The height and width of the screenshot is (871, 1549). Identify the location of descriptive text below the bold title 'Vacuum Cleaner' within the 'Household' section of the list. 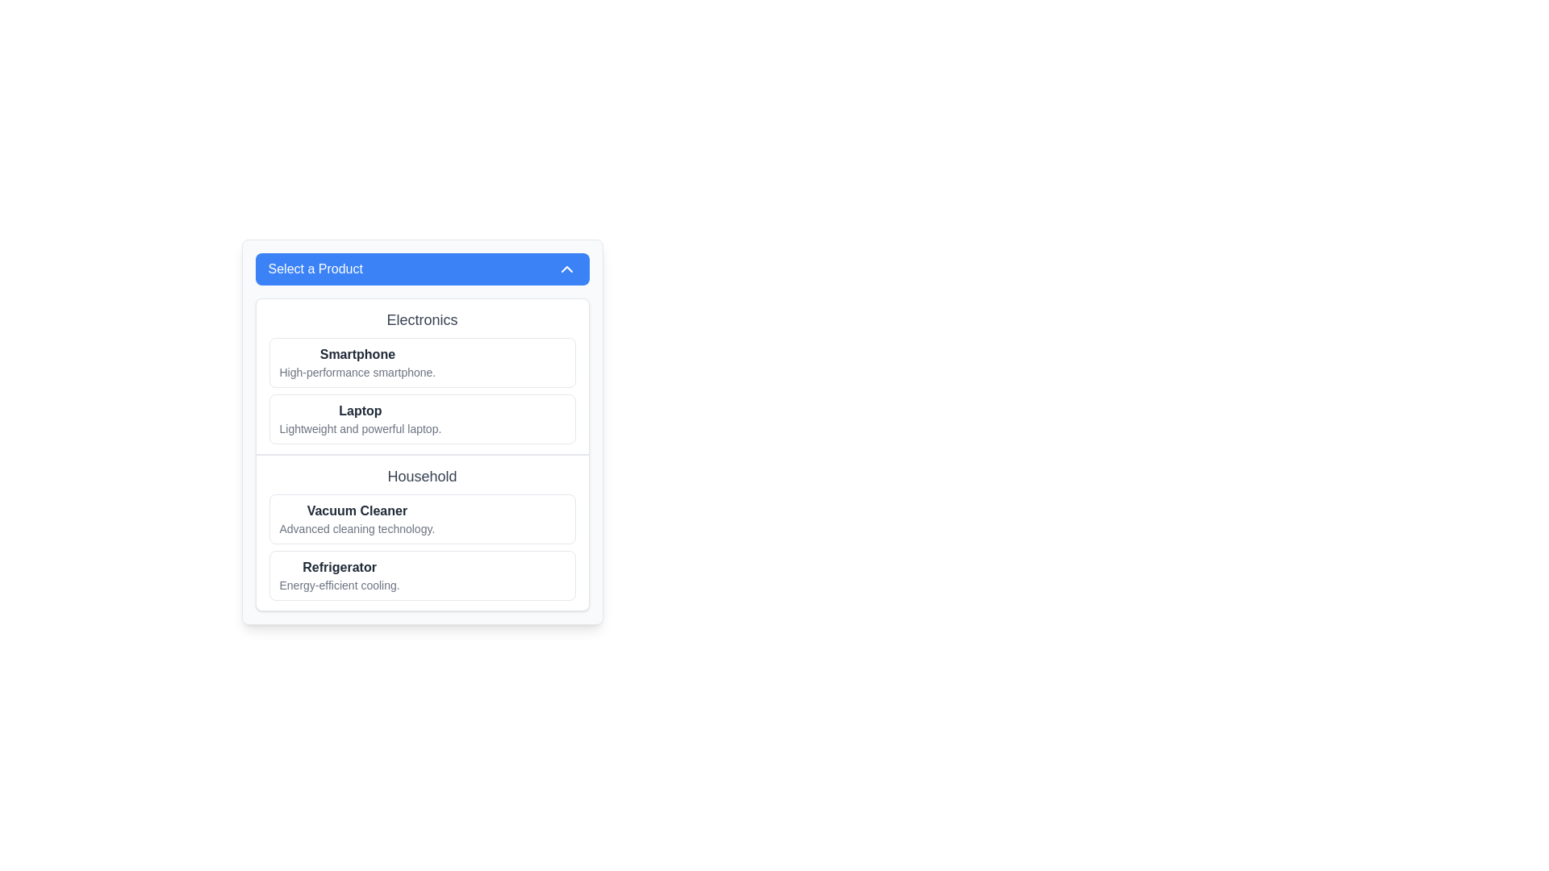
(356, 528).